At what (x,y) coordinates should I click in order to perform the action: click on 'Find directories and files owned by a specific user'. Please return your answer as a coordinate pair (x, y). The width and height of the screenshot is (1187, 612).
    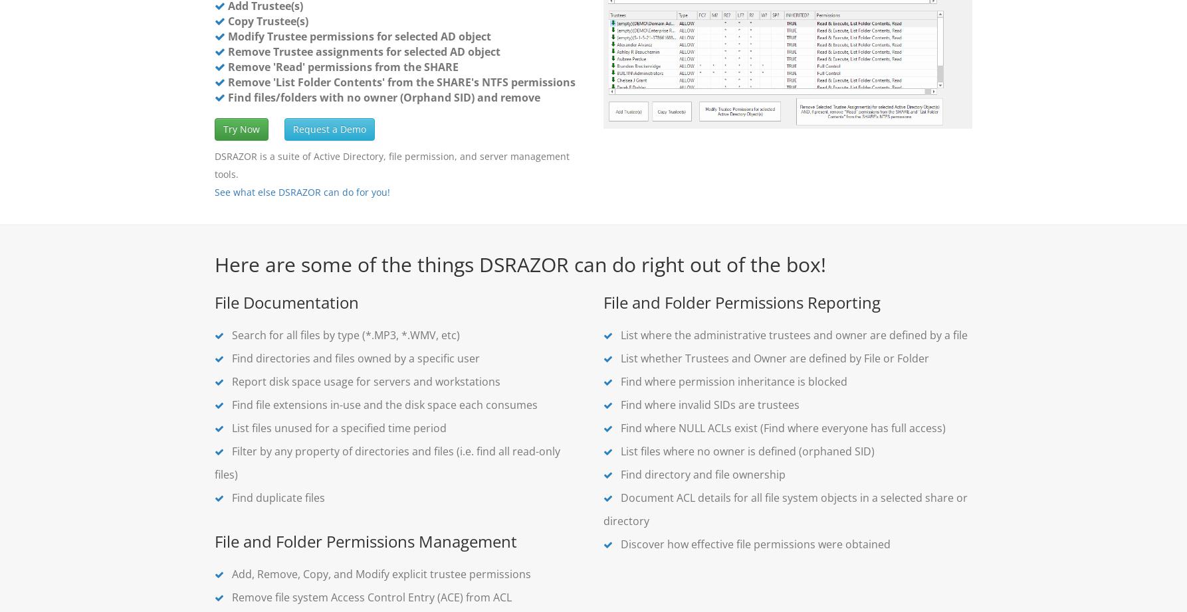
    Looking at the image, I should click on (354, 358).